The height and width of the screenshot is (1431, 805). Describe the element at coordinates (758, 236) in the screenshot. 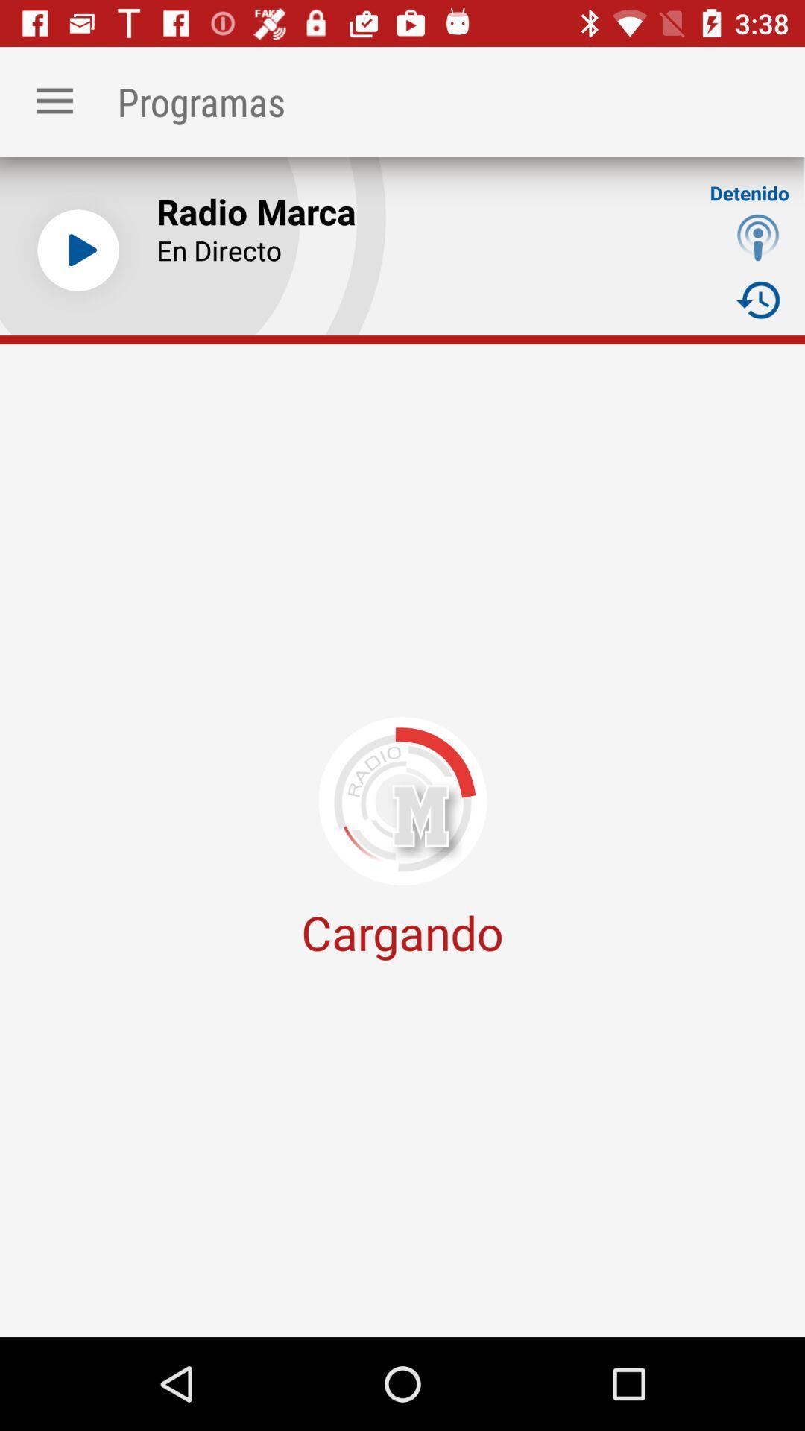

I see `the item to the right of en directo item` at that location.